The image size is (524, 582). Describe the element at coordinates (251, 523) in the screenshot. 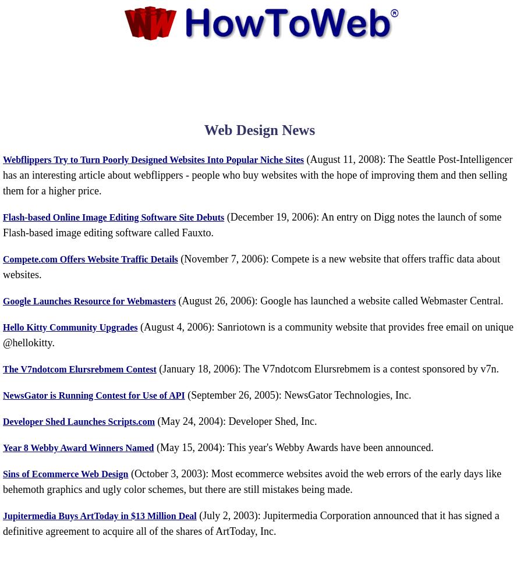

I see `'(July 2, 2003): Jupitermedia Corporation announced that it has signed a definitive agreement to acquire all of the shares of ArtToday, Inc.'` at that location.